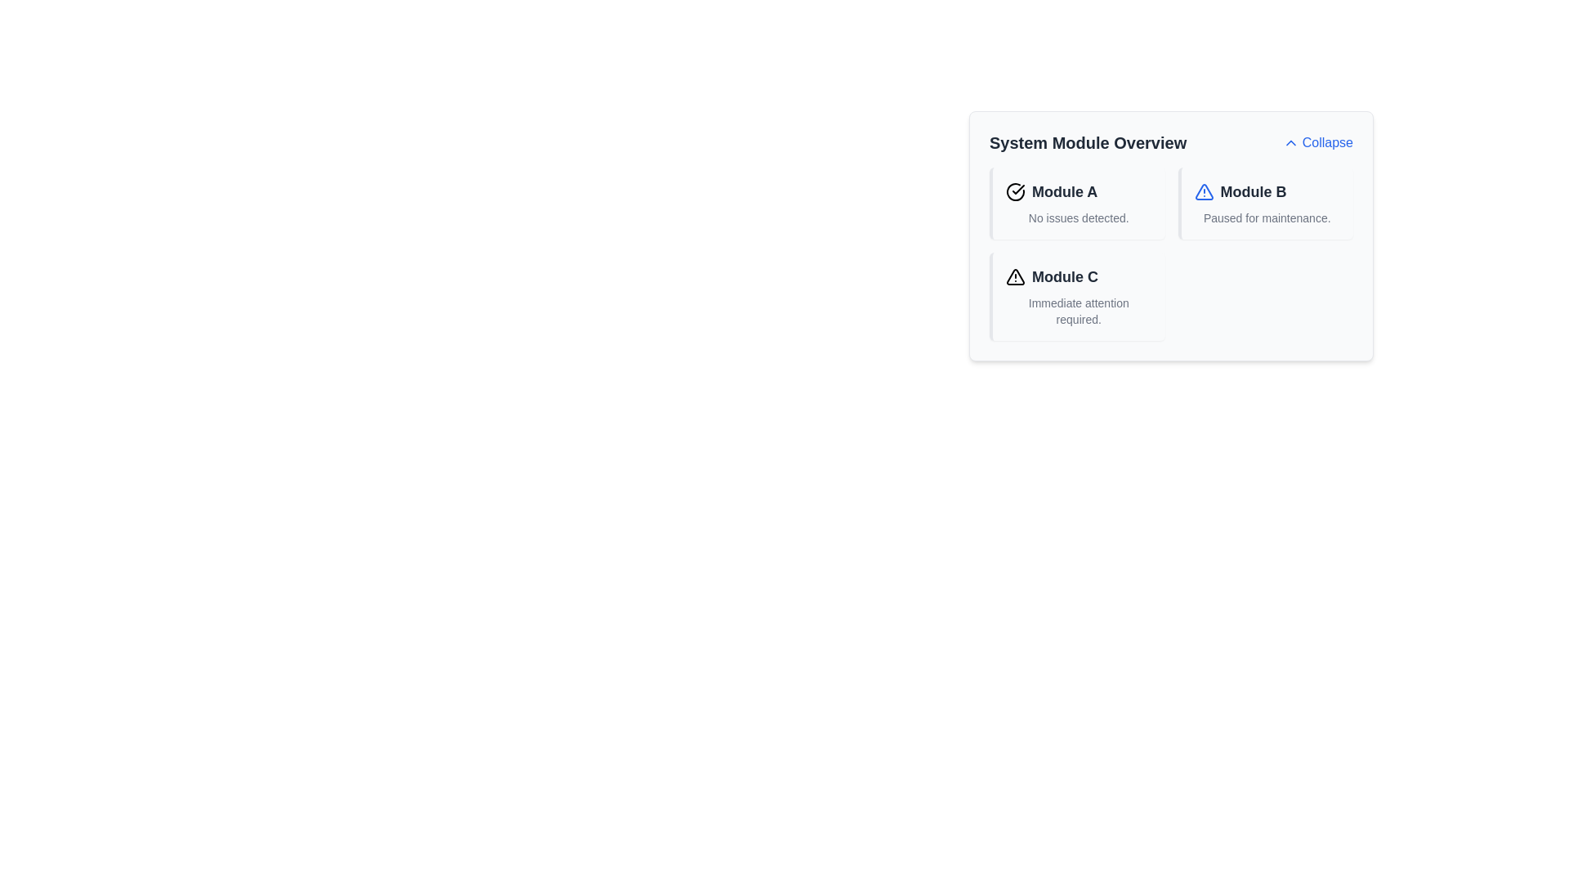  What do you see at coordinates (1077, 296) in the screenshot?
I see `the notification in the Notification card element with a light red background and bold text stating 'Module C'` at bounding box center [1077, 296].